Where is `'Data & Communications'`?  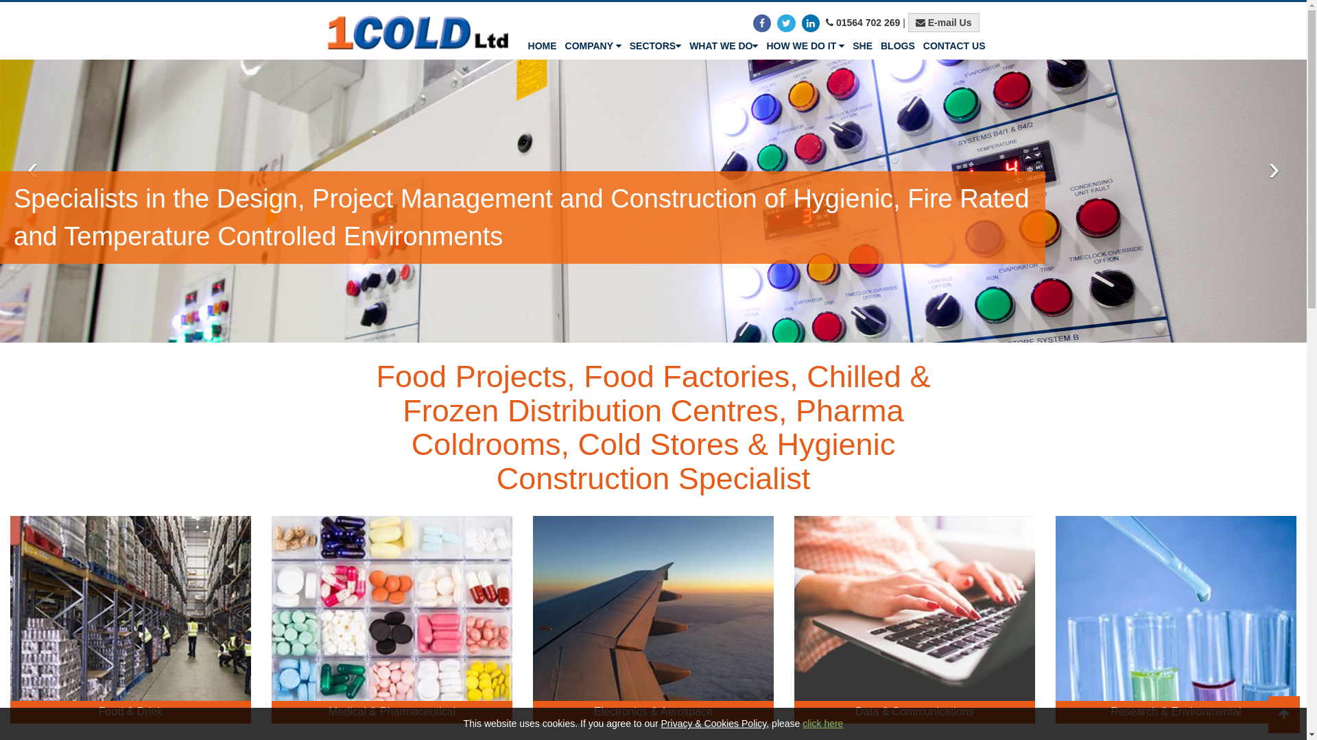
'Data & Communications' is located at coordinates (914, 619).